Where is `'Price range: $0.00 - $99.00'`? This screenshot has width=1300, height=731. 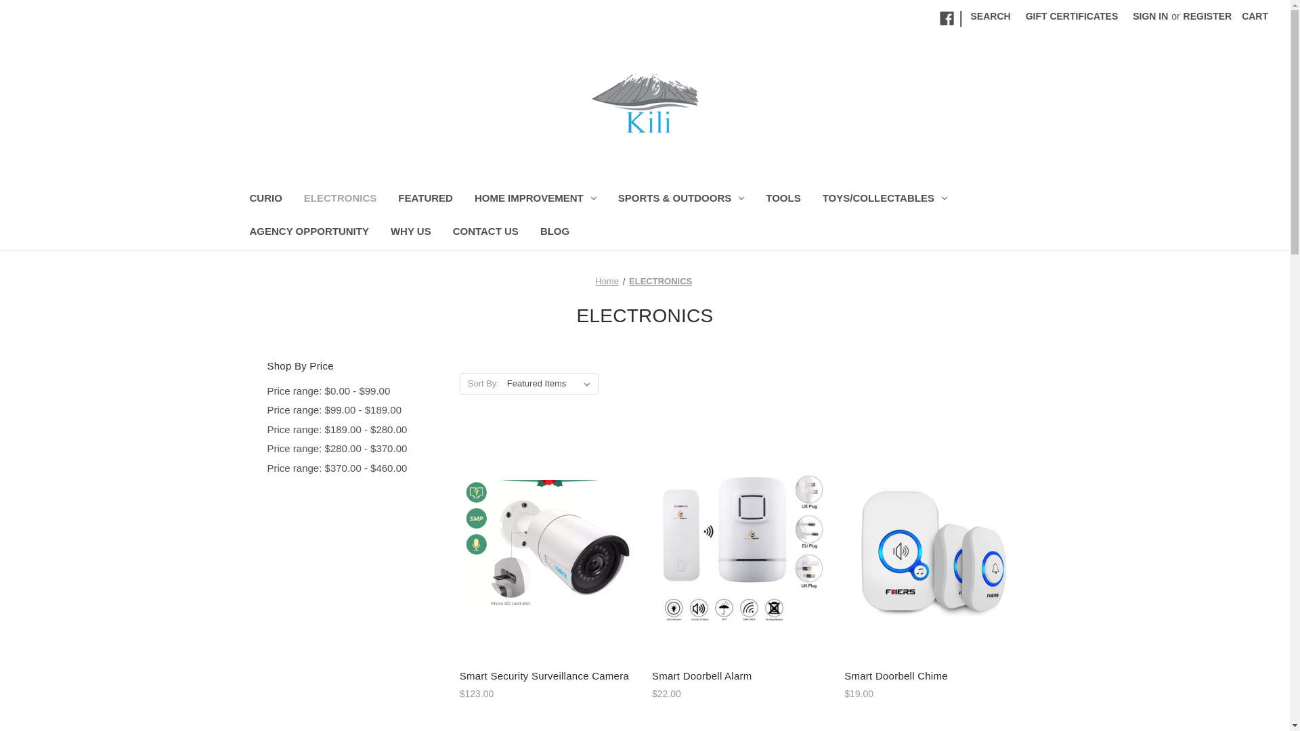 'Price range: $0.00 - $99.00' is located at coordinates (355, 391).